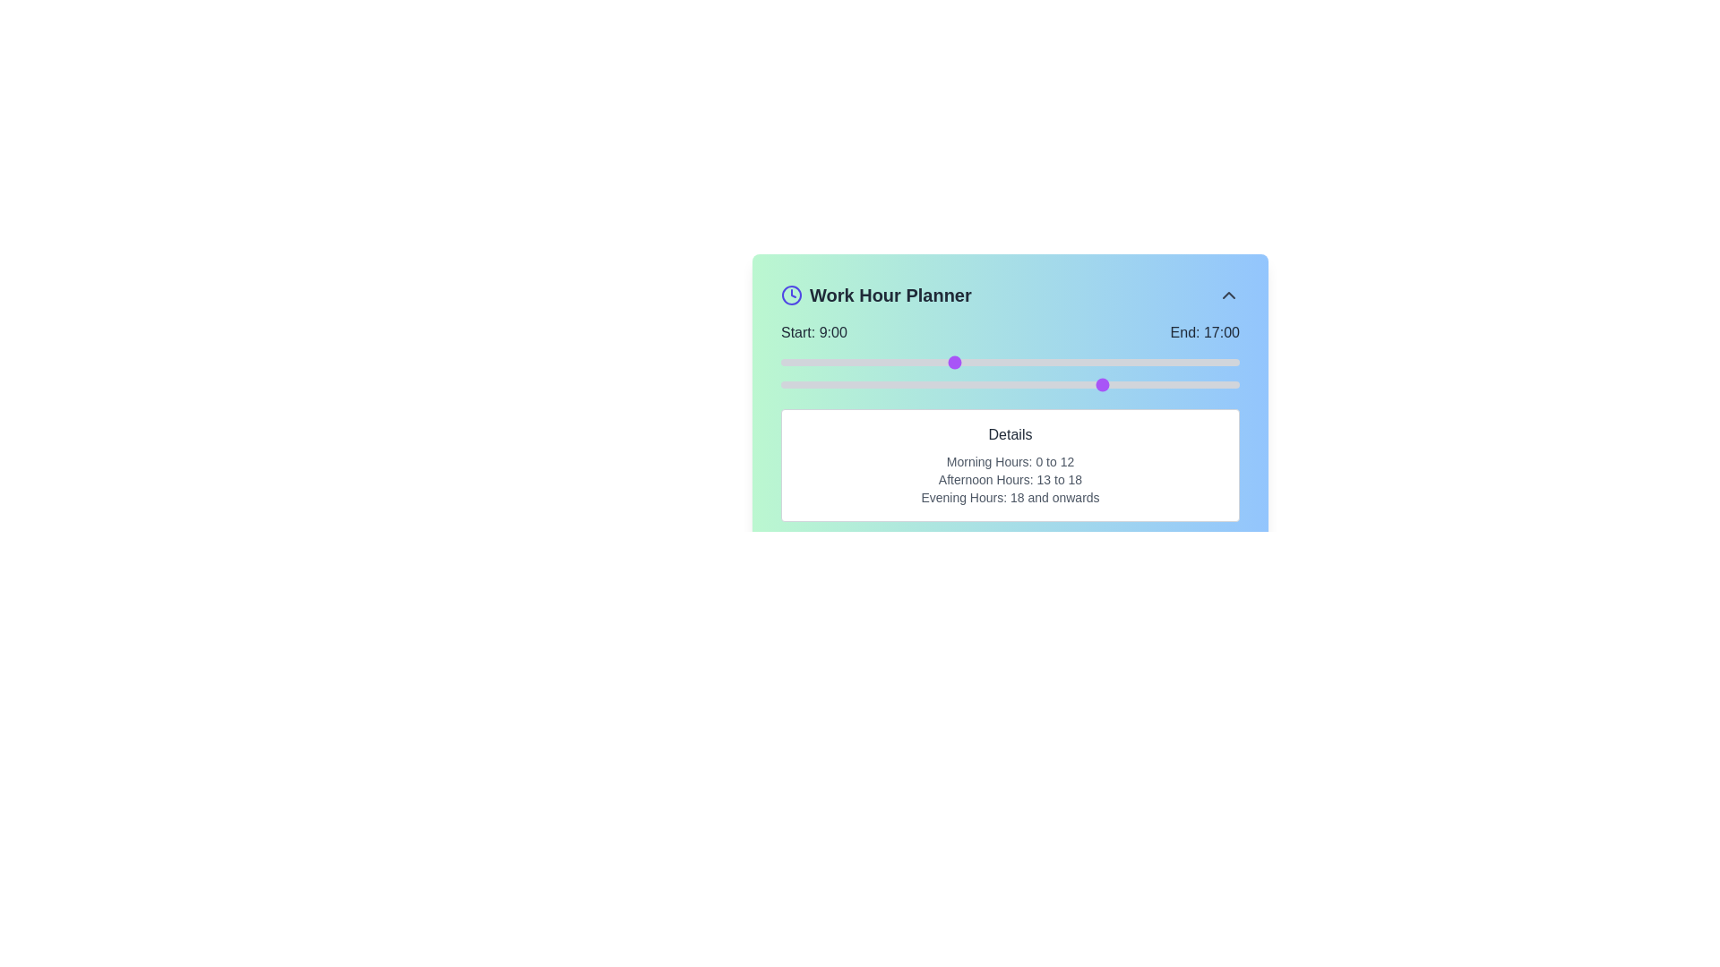 The image size is (1720, 967). I want to click on the start time to 14 hours using the left slider, so click(1048, 363).